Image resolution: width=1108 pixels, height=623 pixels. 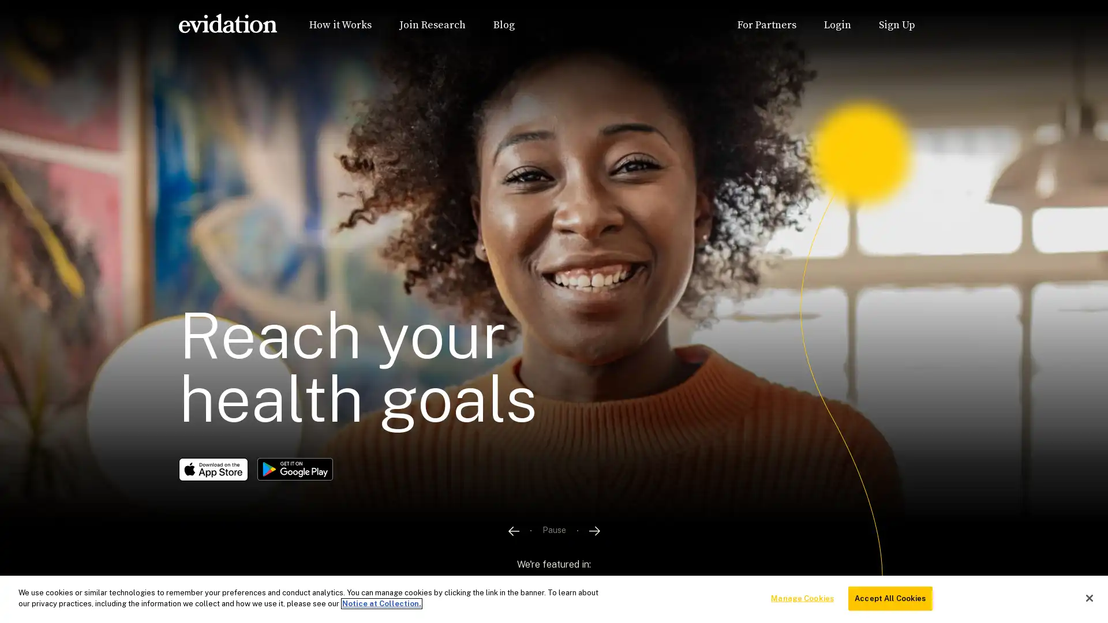 What do you see at coordinates (594, 564) in the screenshot?
I see `Next slide` at bounding box center [594, 564].